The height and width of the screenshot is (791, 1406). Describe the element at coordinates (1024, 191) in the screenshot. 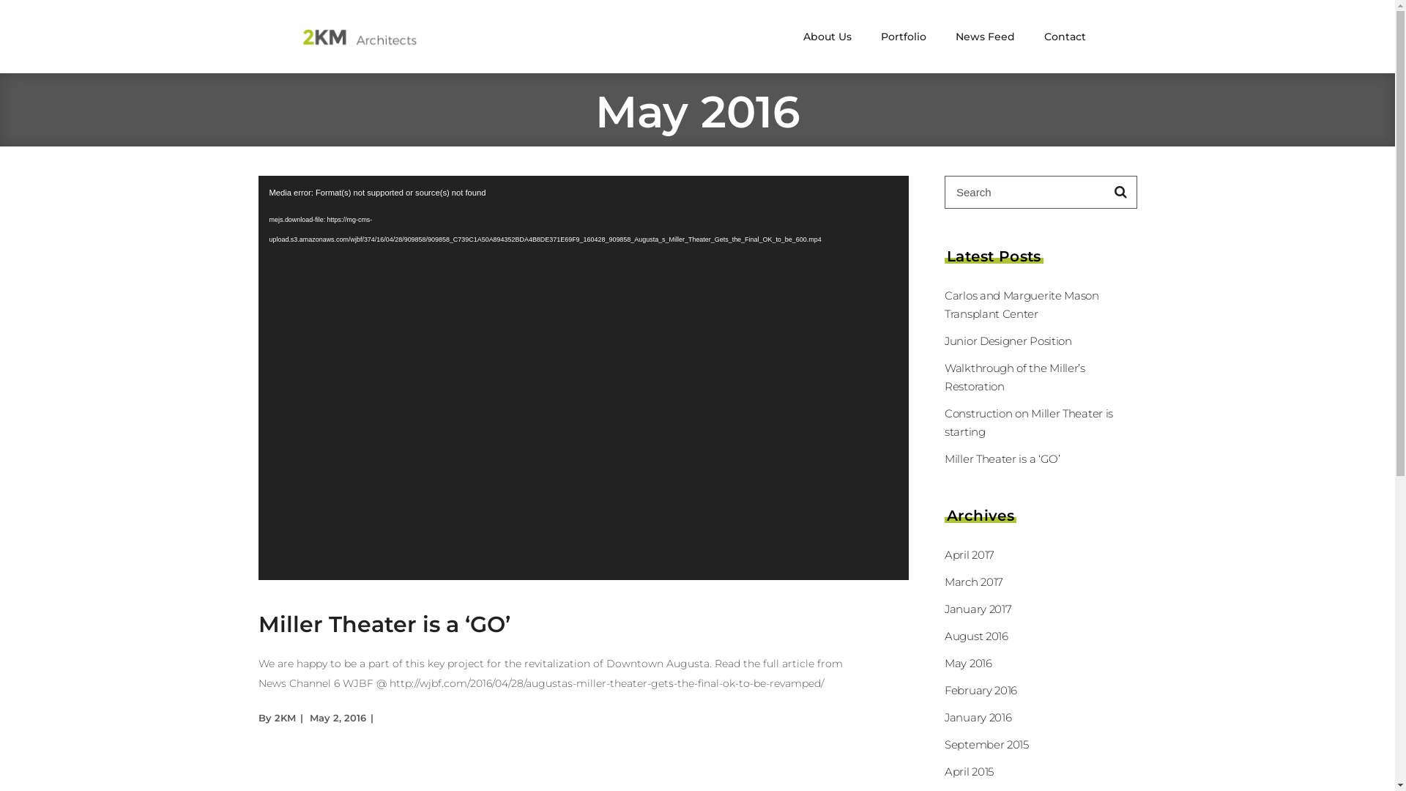

I see `'Search for:'` at that location.